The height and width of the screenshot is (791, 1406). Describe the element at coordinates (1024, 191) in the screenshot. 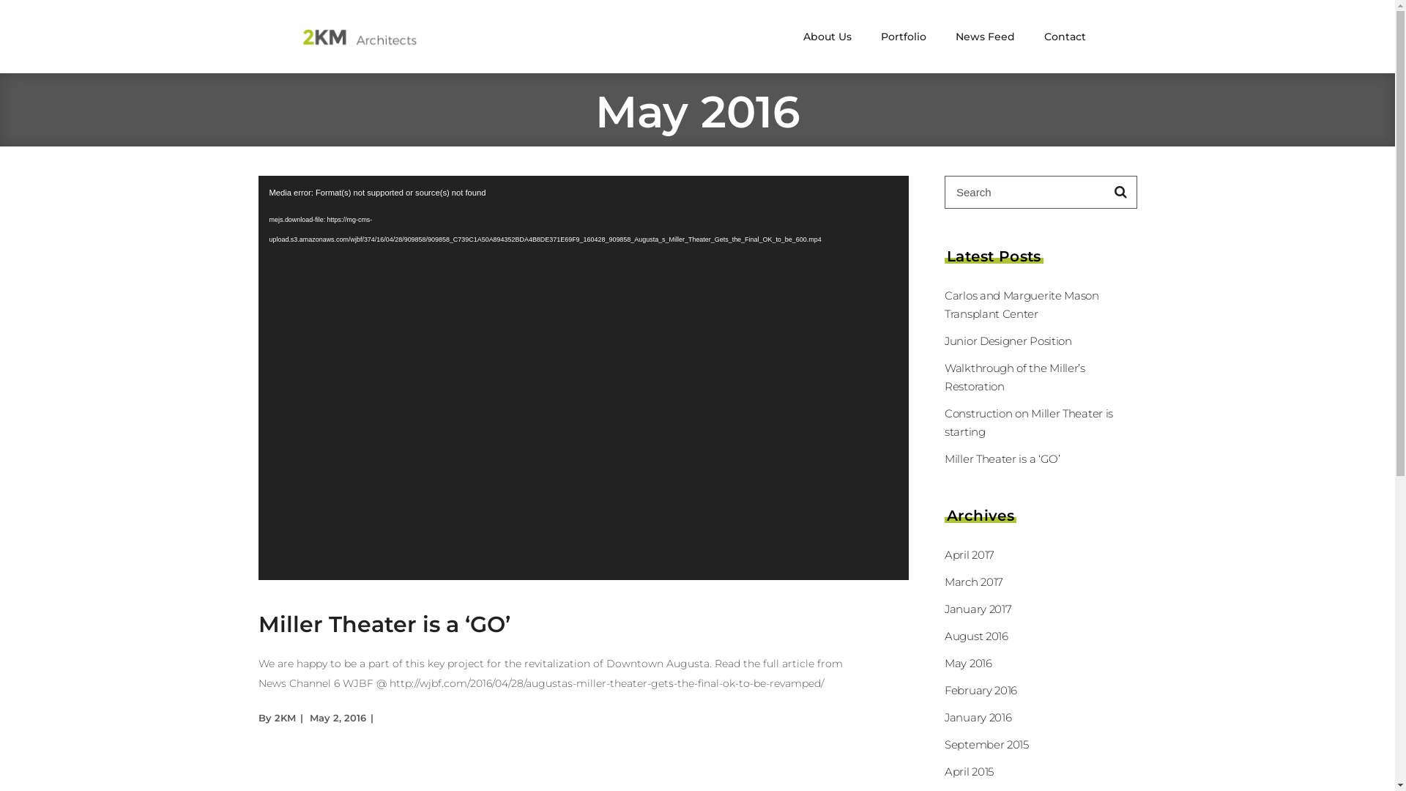

I see `'Search for:'` at that location.